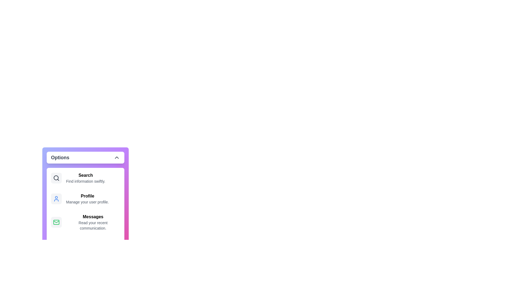 The width and height of the screenshot is (518, 291). I want to click on the menu item Search to select it, so click(85, 178).